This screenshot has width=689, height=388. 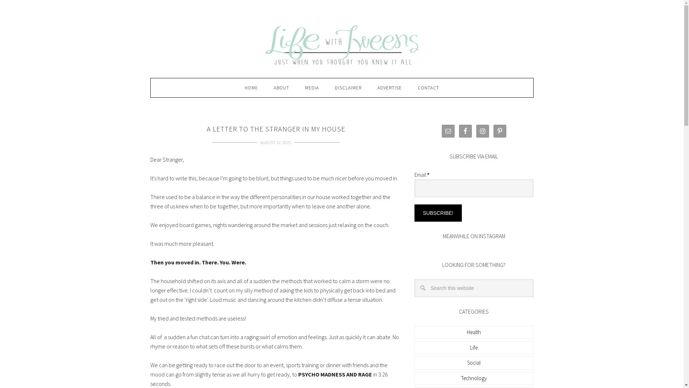 I want to click on 'Search', so click(x=533, y=278).